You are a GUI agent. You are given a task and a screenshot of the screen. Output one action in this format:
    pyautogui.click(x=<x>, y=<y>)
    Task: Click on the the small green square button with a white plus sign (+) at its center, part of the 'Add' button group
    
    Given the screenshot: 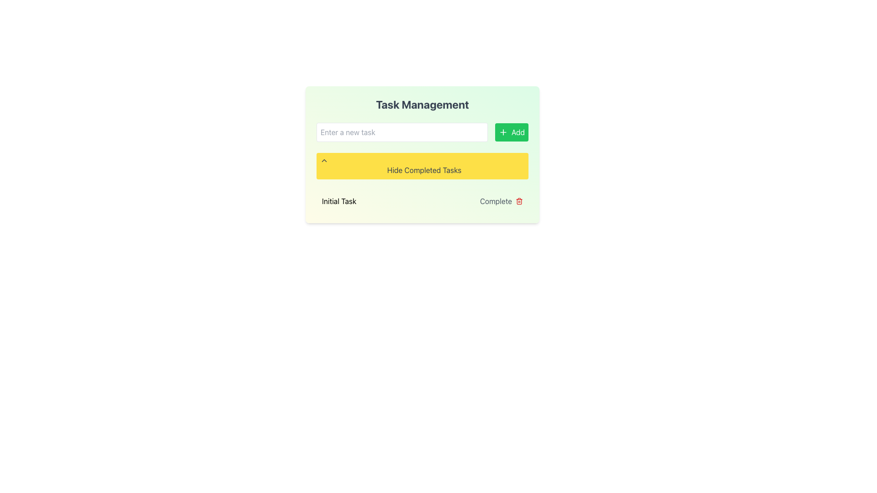 What is the action you would take?
    pyautogui.click(x=502, y=132)
    